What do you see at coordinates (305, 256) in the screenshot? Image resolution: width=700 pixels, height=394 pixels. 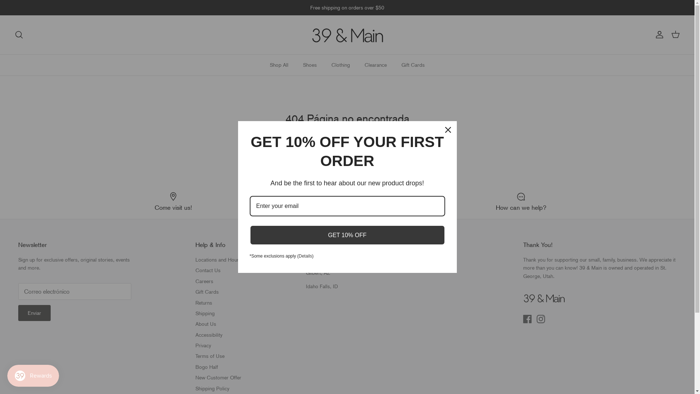 I see `'Details'` at bounding box center [305, 256].